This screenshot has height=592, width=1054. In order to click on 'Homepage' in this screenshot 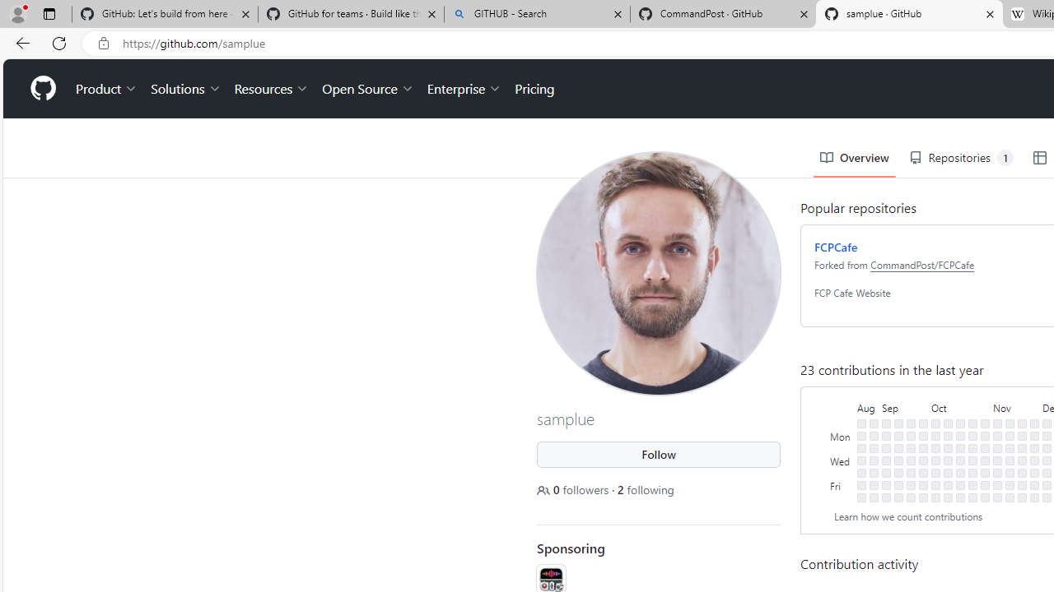, I will do `click(42, 89)`.